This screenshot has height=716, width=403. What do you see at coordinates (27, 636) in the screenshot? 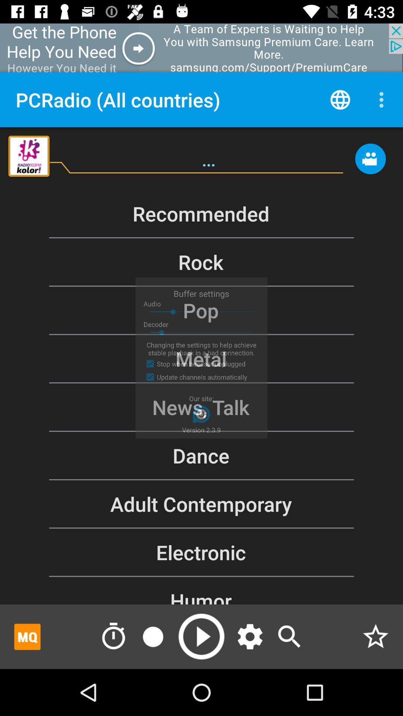
I see `mq box` at bounding box center [27, 636].